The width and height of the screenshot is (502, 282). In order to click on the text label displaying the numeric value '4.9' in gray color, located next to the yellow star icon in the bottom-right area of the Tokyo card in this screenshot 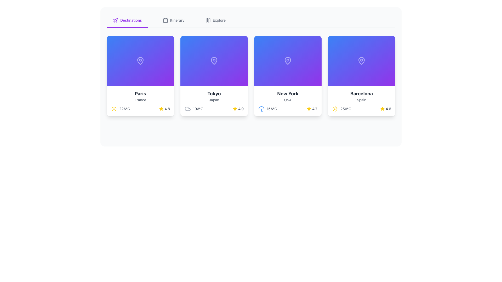, I will do `click(241, 108)`.